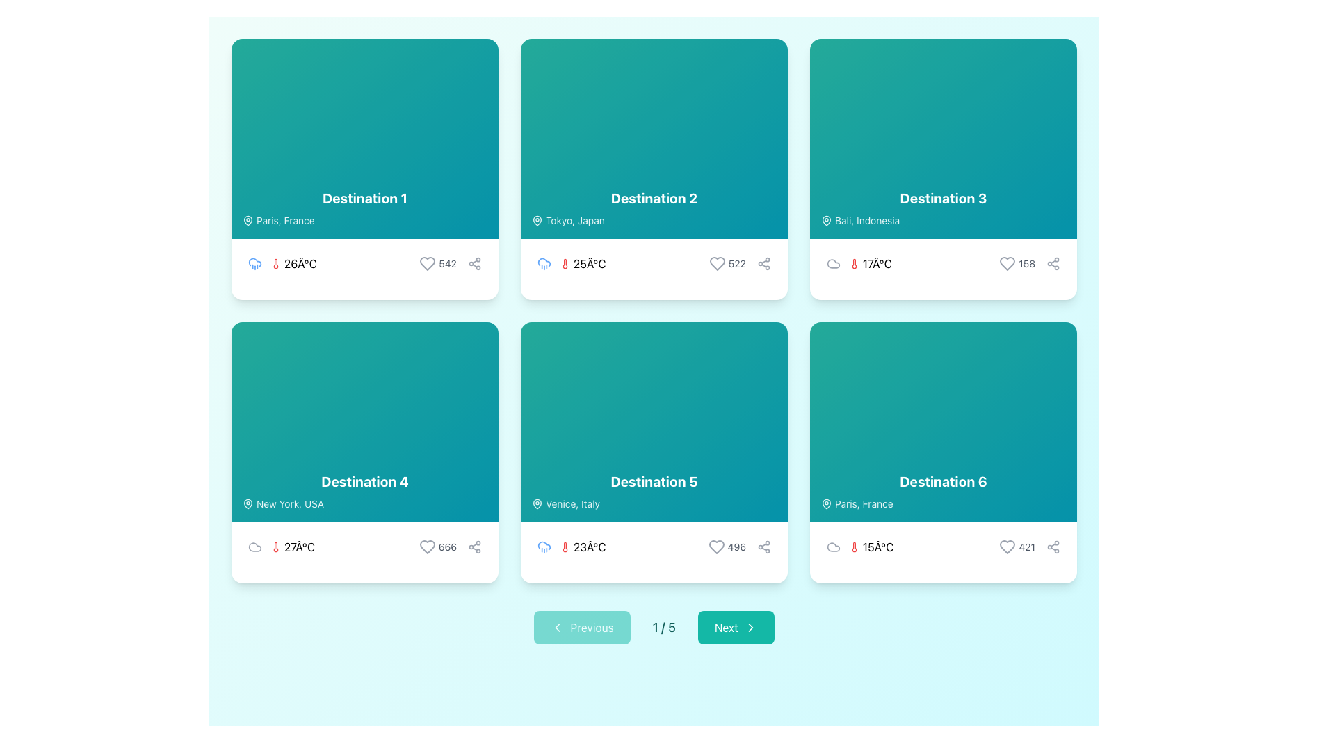 The height and width of the screenshot is (750, 1335). I want to click on the heart-shaped icon button, which is styled with a hollow outline and located at the bottom right section of the second card in the grid layout, adjacent to the likes count (522), so click(717, 264).